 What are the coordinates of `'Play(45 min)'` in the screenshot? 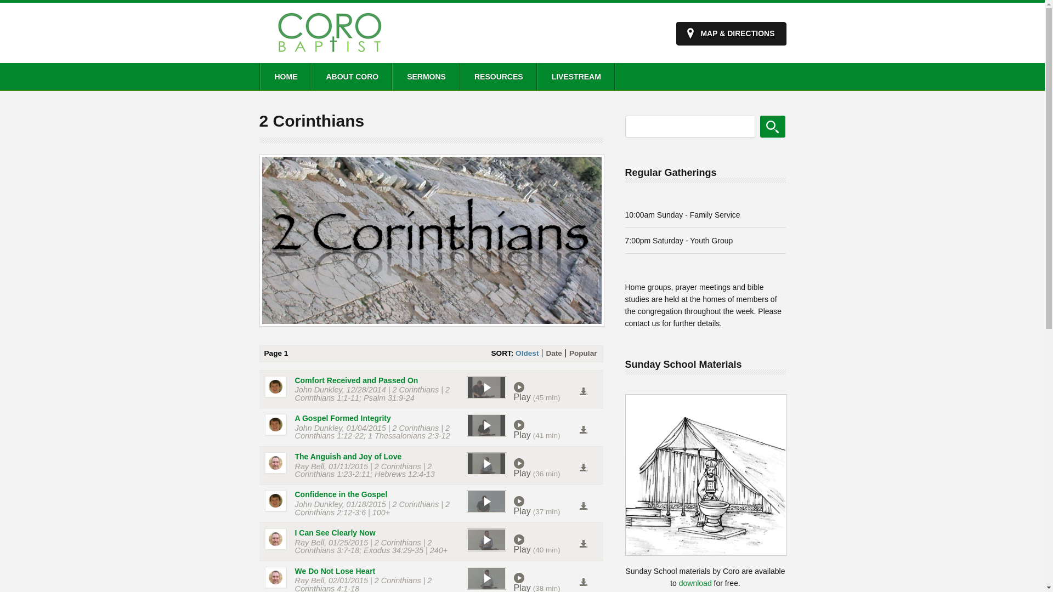 It's located at (513, 391).